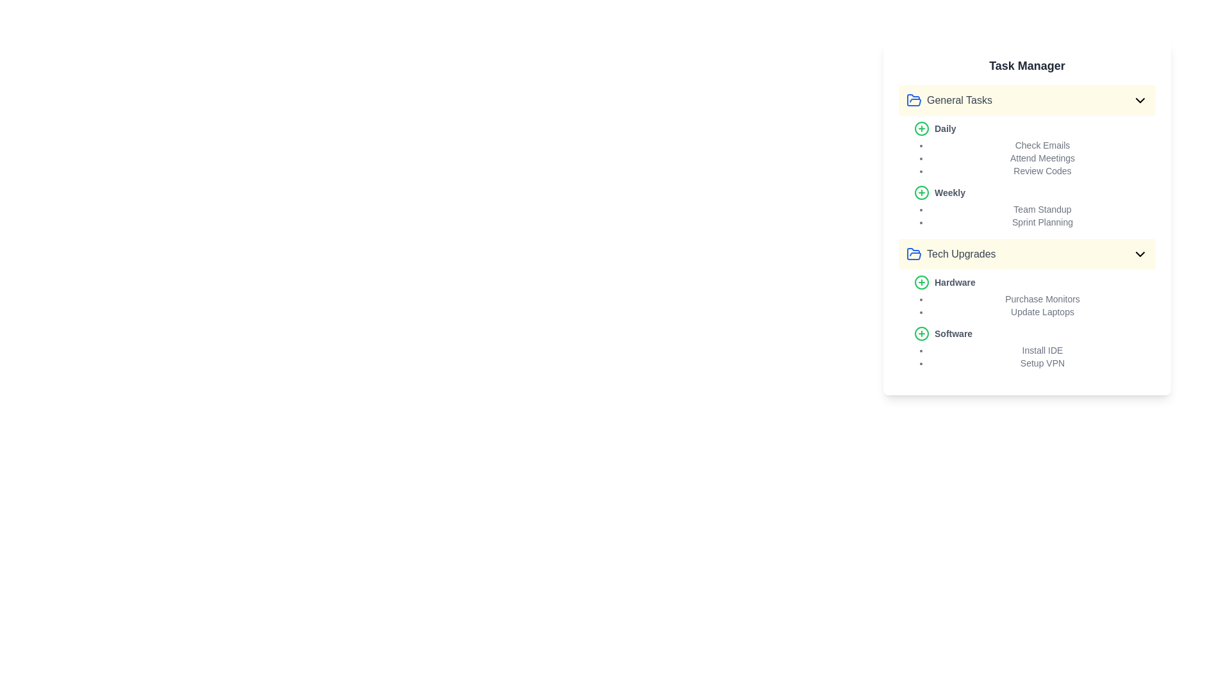  What do you see at coordinates (913, 254) in the screenshot?
I see `the blue folder icon as a category indicator, which is located to the left of the 'Tech Upgrades' text in the sidebar` at bounding box center [913, 254].